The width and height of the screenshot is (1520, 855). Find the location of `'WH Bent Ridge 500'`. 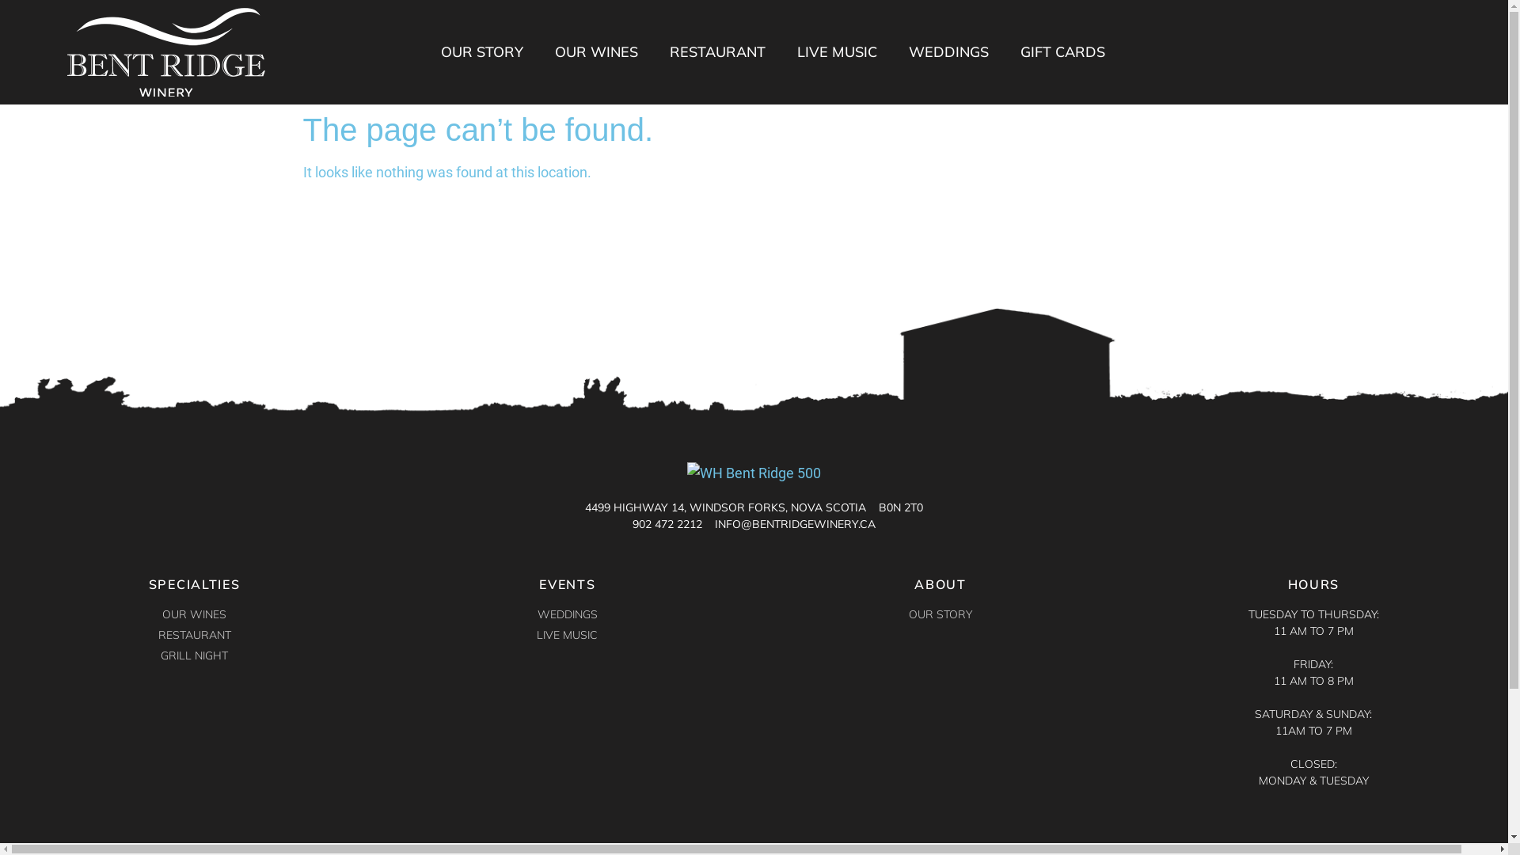

'WH Bent Ridge 500' is located at coordinates (753, 472).